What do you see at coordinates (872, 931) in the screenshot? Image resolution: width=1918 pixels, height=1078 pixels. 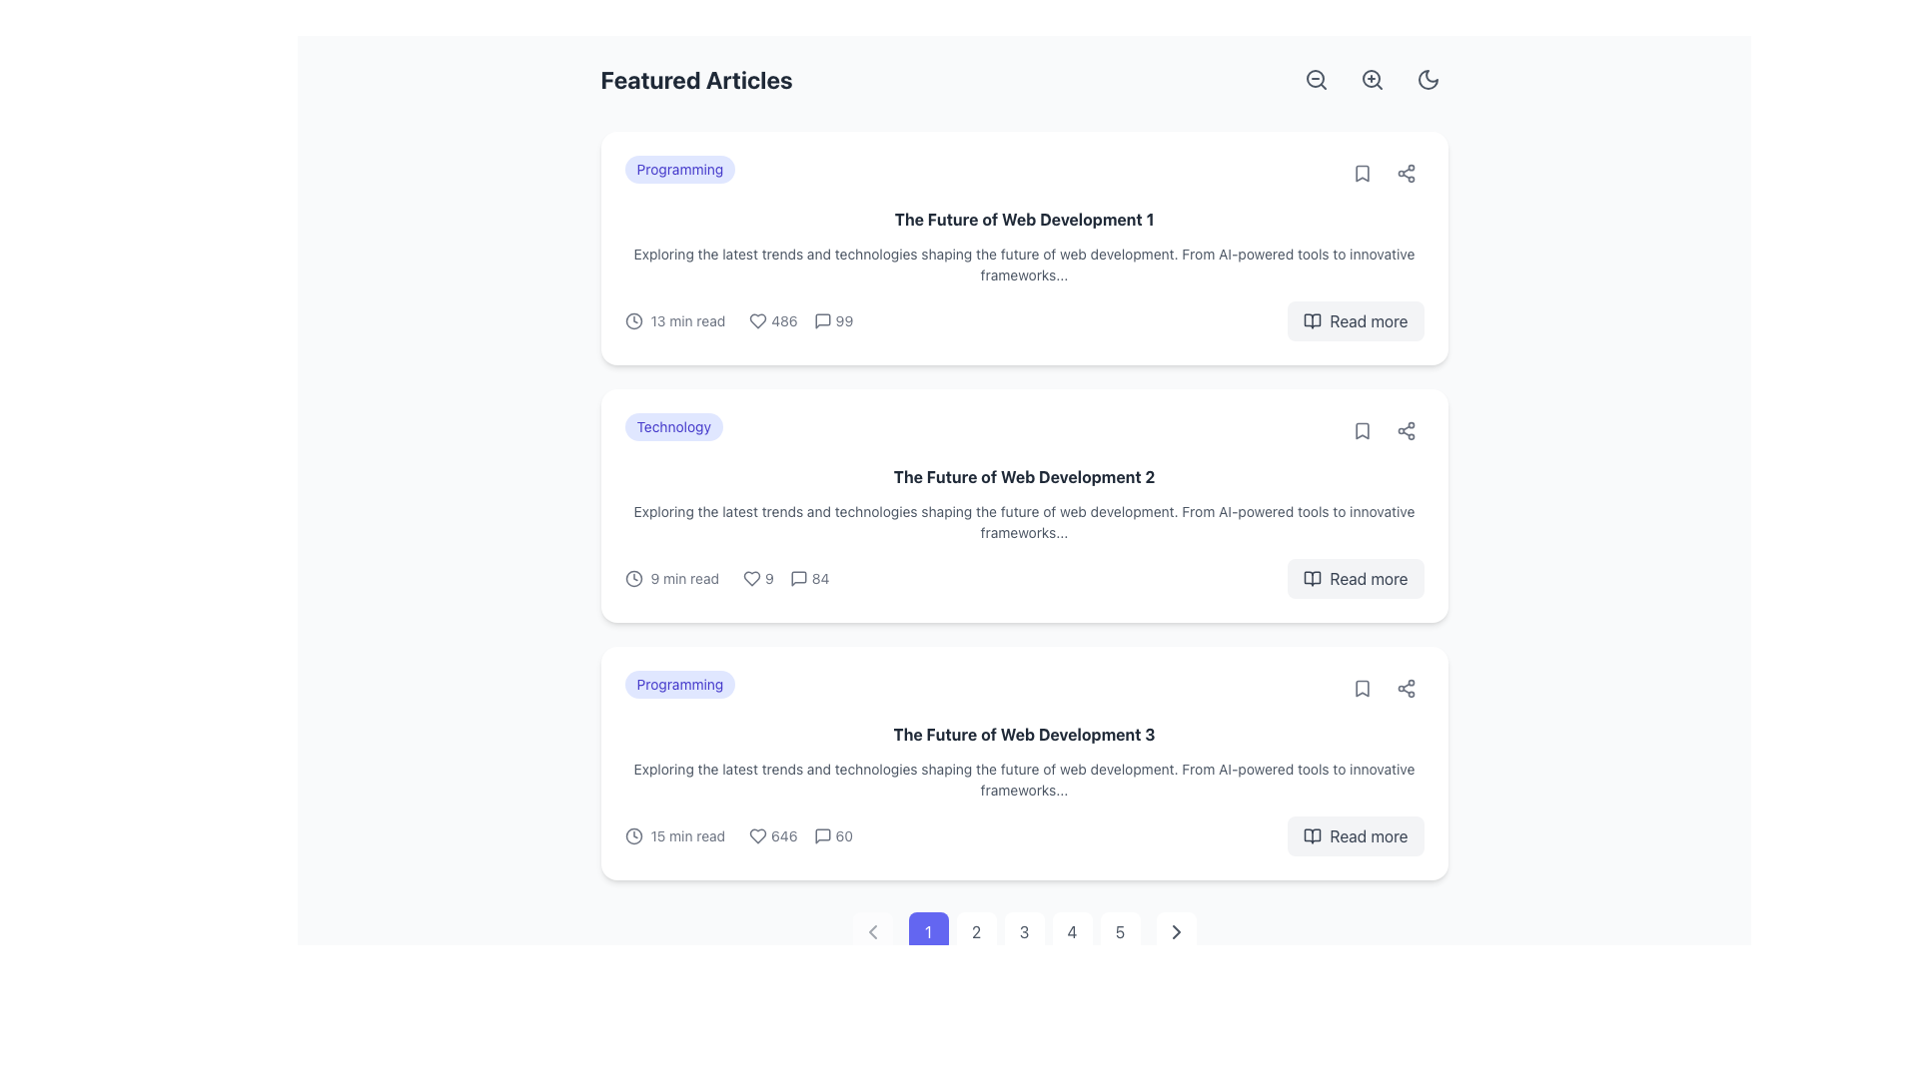 I see `the Chevron icon located at the left of the pagination controls` at bounding box center [872, 931].